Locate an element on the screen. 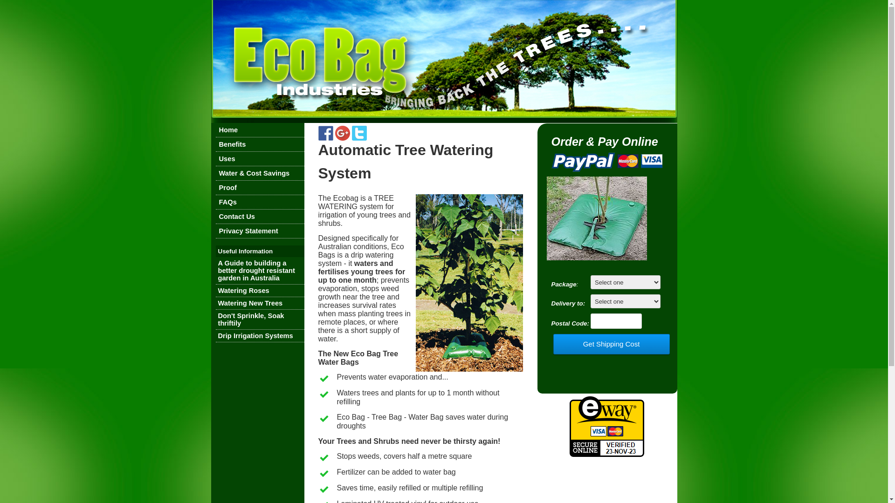 This screenshot has height=503, width=895. 'Uses' is located at coordinates (227, 158).